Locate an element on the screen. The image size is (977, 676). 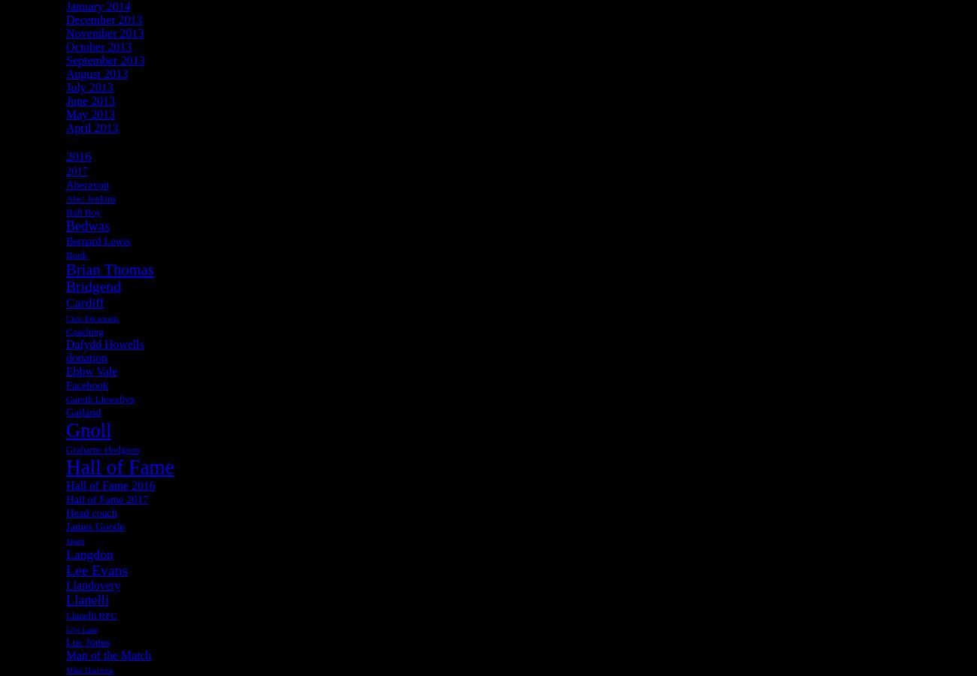
'Mike Harrison' is located at coordinates (88, 669).